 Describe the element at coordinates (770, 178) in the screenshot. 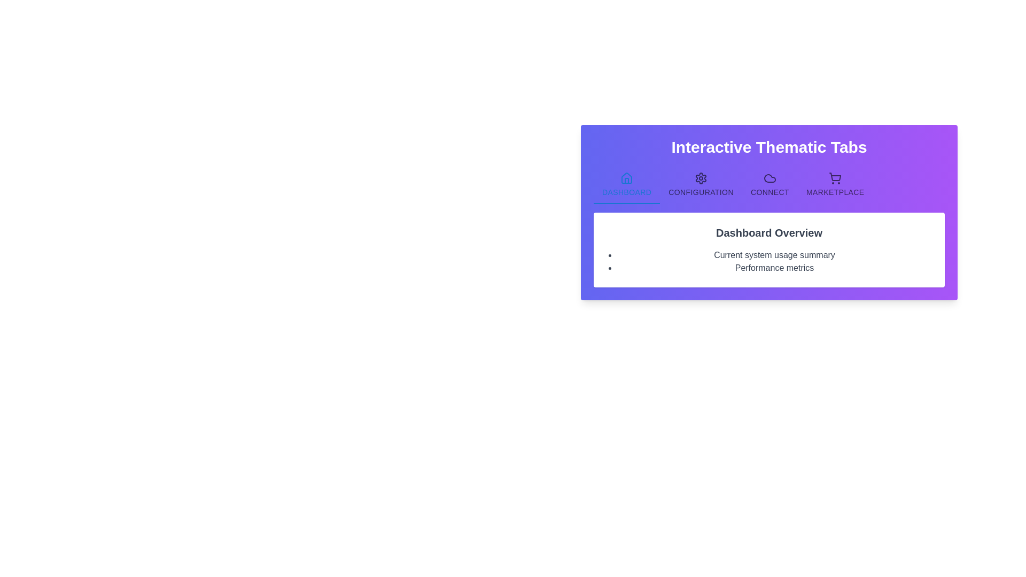

I see `the cloud-shaped outline icon located within the 'CONNECT' tab on the menu bar` at that location.